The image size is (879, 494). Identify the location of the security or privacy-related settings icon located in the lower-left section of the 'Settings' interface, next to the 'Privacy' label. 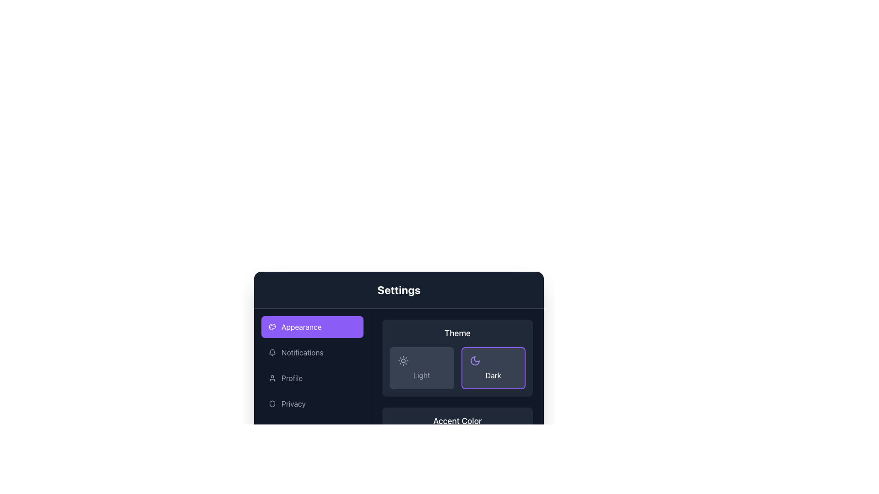
(272, 403).